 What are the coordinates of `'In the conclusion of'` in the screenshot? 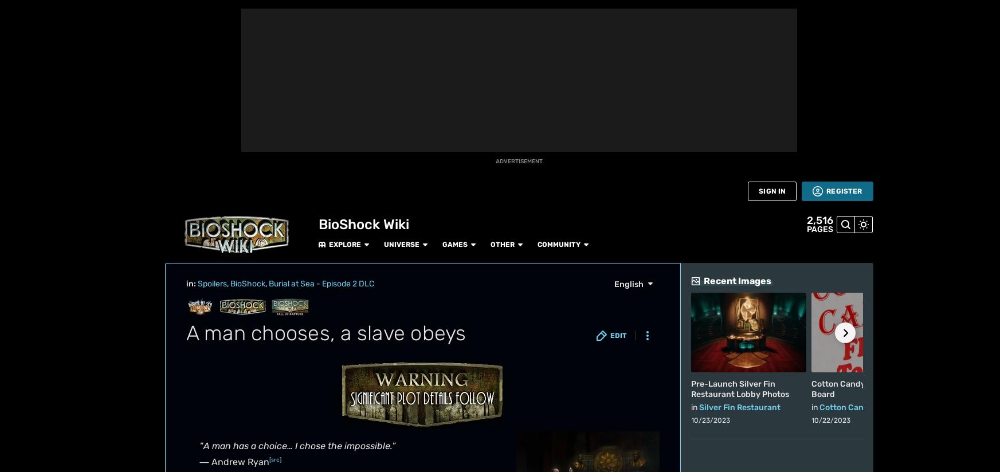 It's located at (228, 459).